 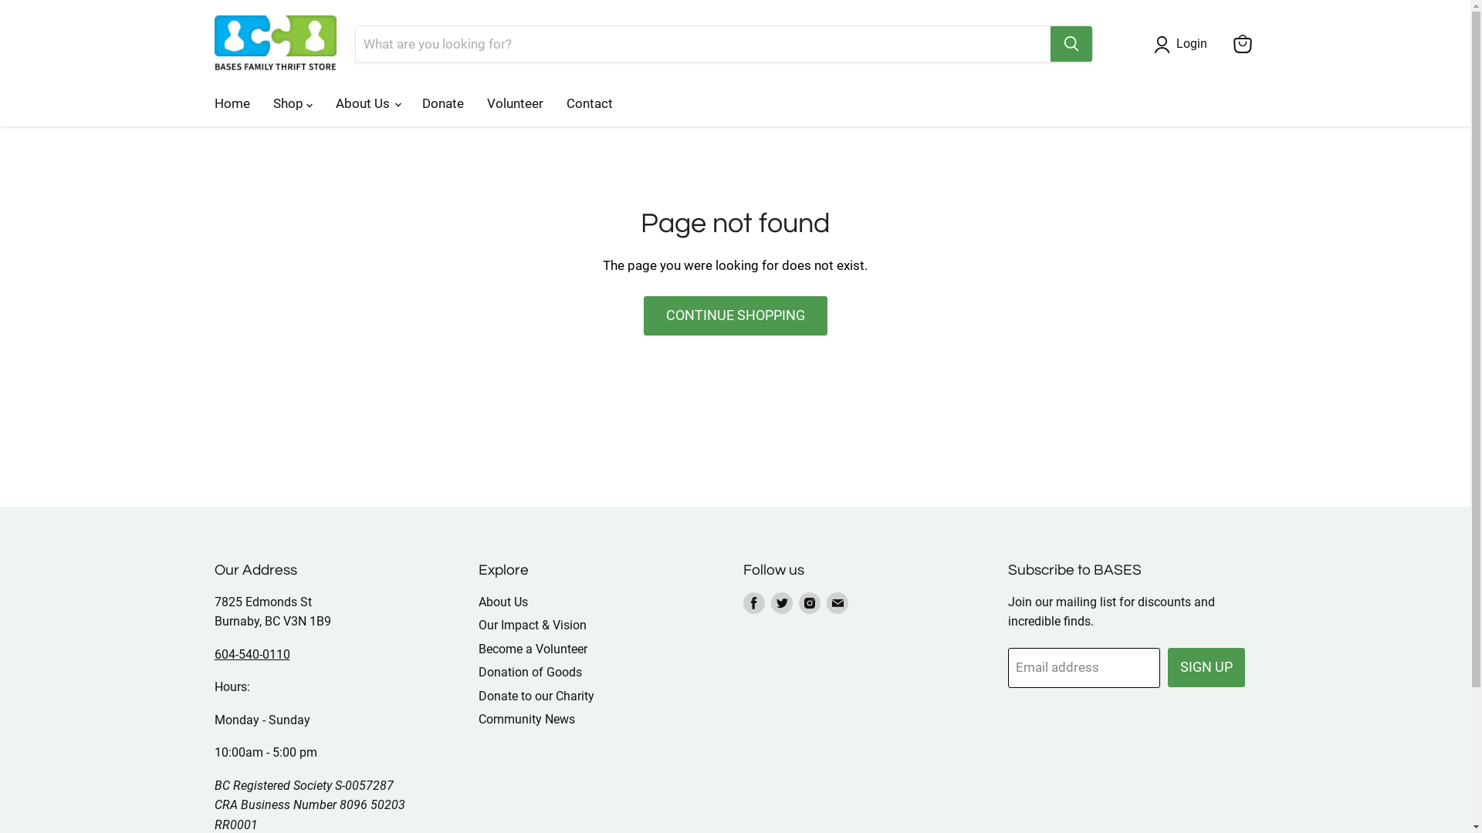 What do you see at coordinates (754, 602) in the screenshot?
I see `'Find us on Facebook'` at bounding box center [754, 602].